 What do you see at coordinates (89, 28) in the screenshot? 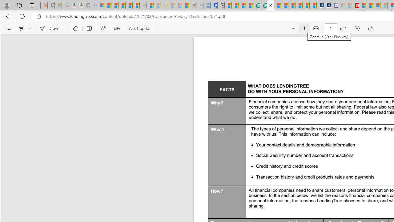
I see `'Add text'` at bounding box center [89, 28].